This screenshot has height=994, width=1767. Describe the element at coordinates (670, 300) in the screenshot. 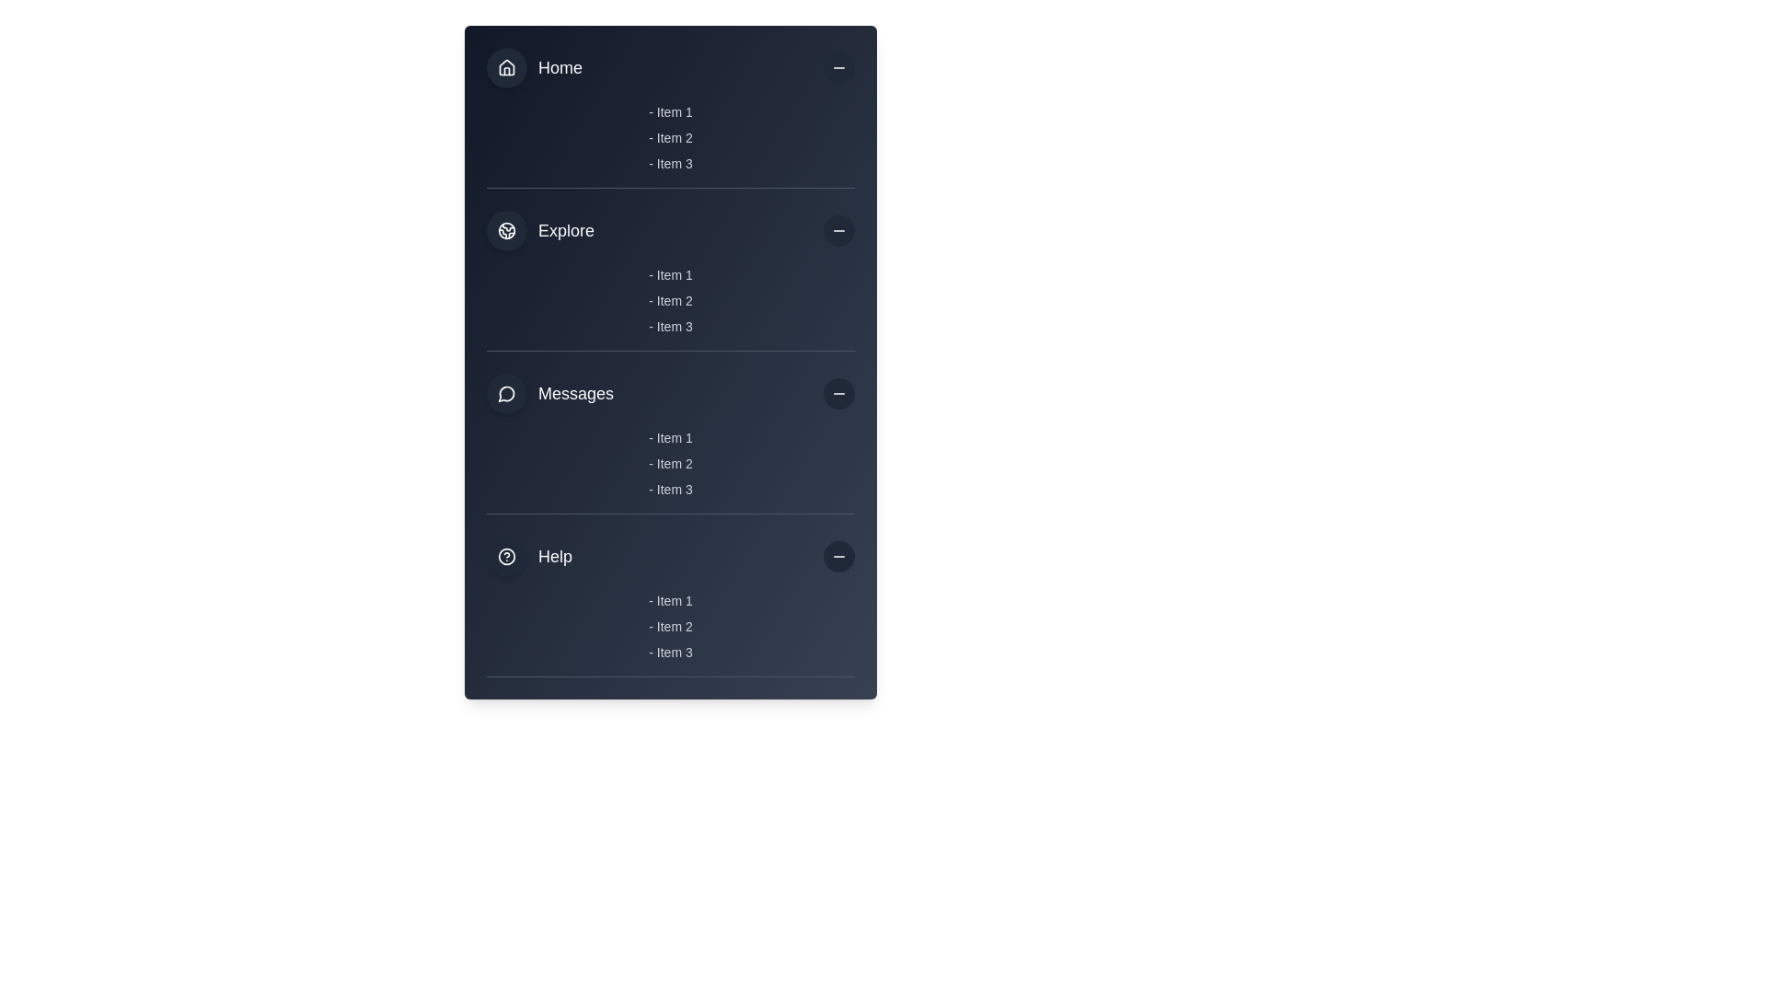

I see `text content of the vertical list element containing '- Item 1', '- Item 2', and '- Item 3', located in the 'Explore' section beneath the heading 'Explore'` at that location.